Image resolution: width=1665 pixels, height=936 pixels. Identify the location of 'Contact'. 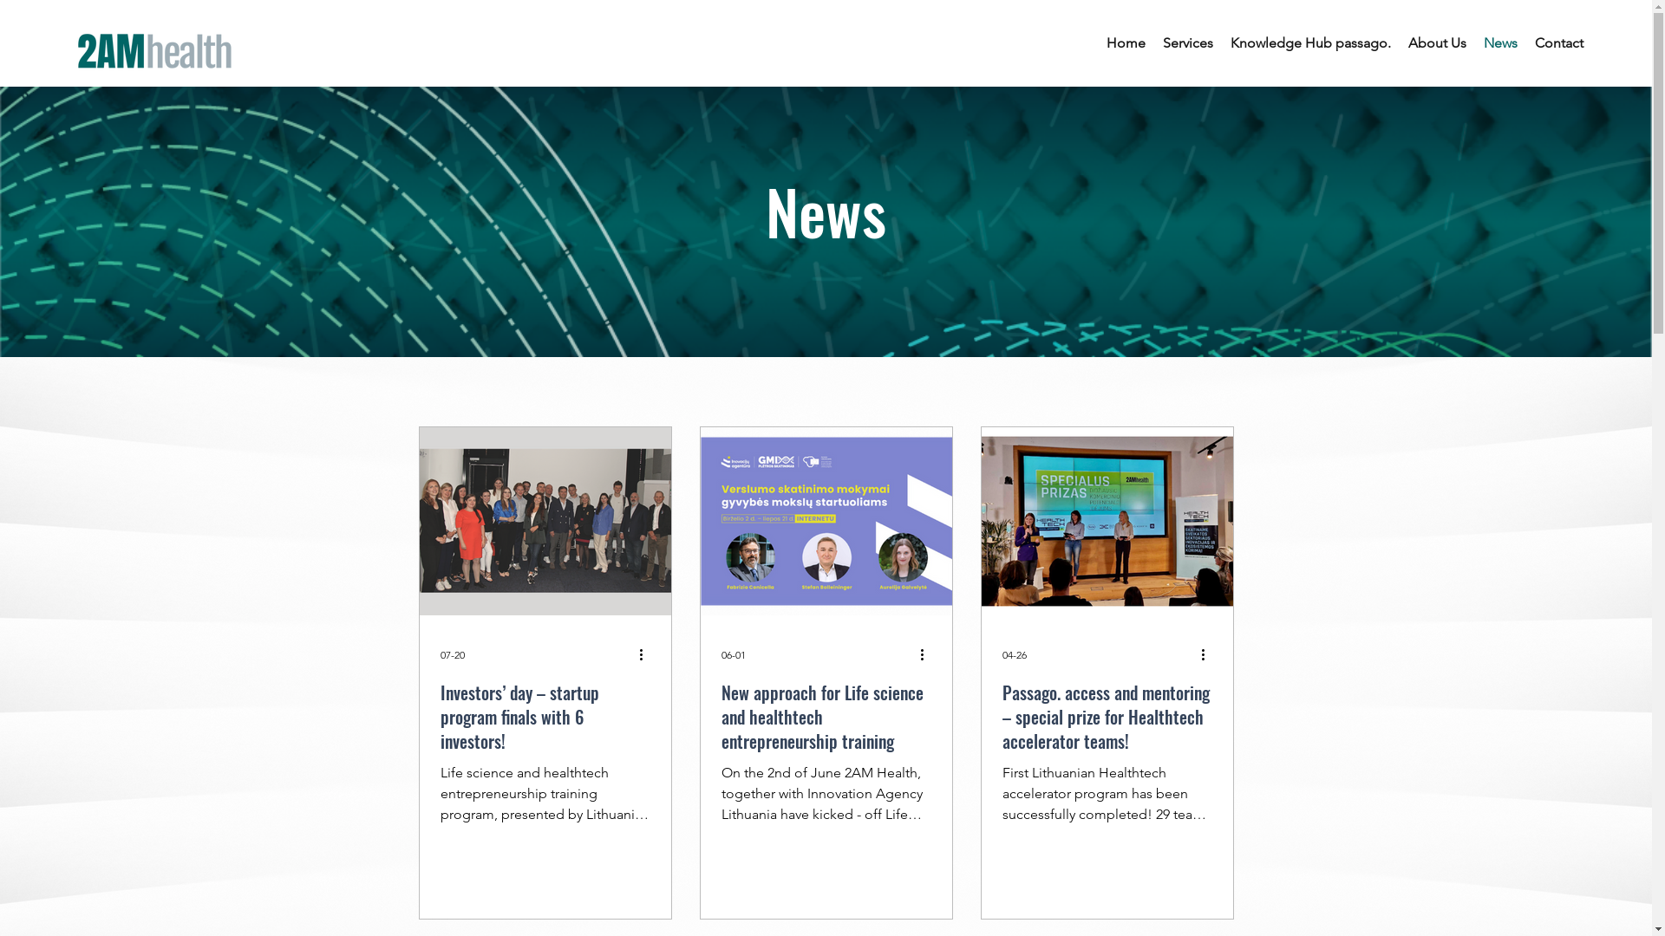
(1559, 42).